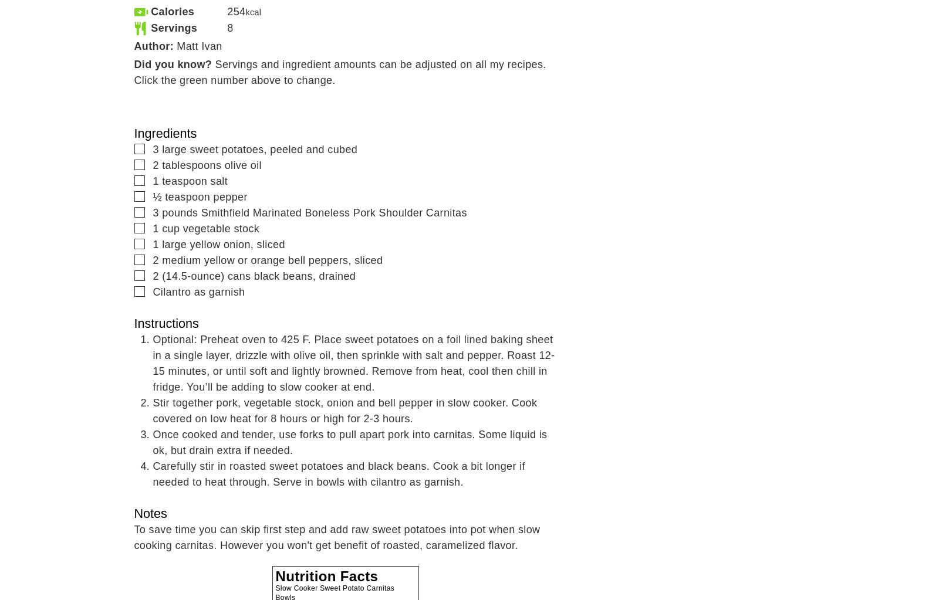  What do you see at coordinates (275, 259) in the screenshot?
I see `'yellow or orange bell peppers'` at bounding box center [275, 259].